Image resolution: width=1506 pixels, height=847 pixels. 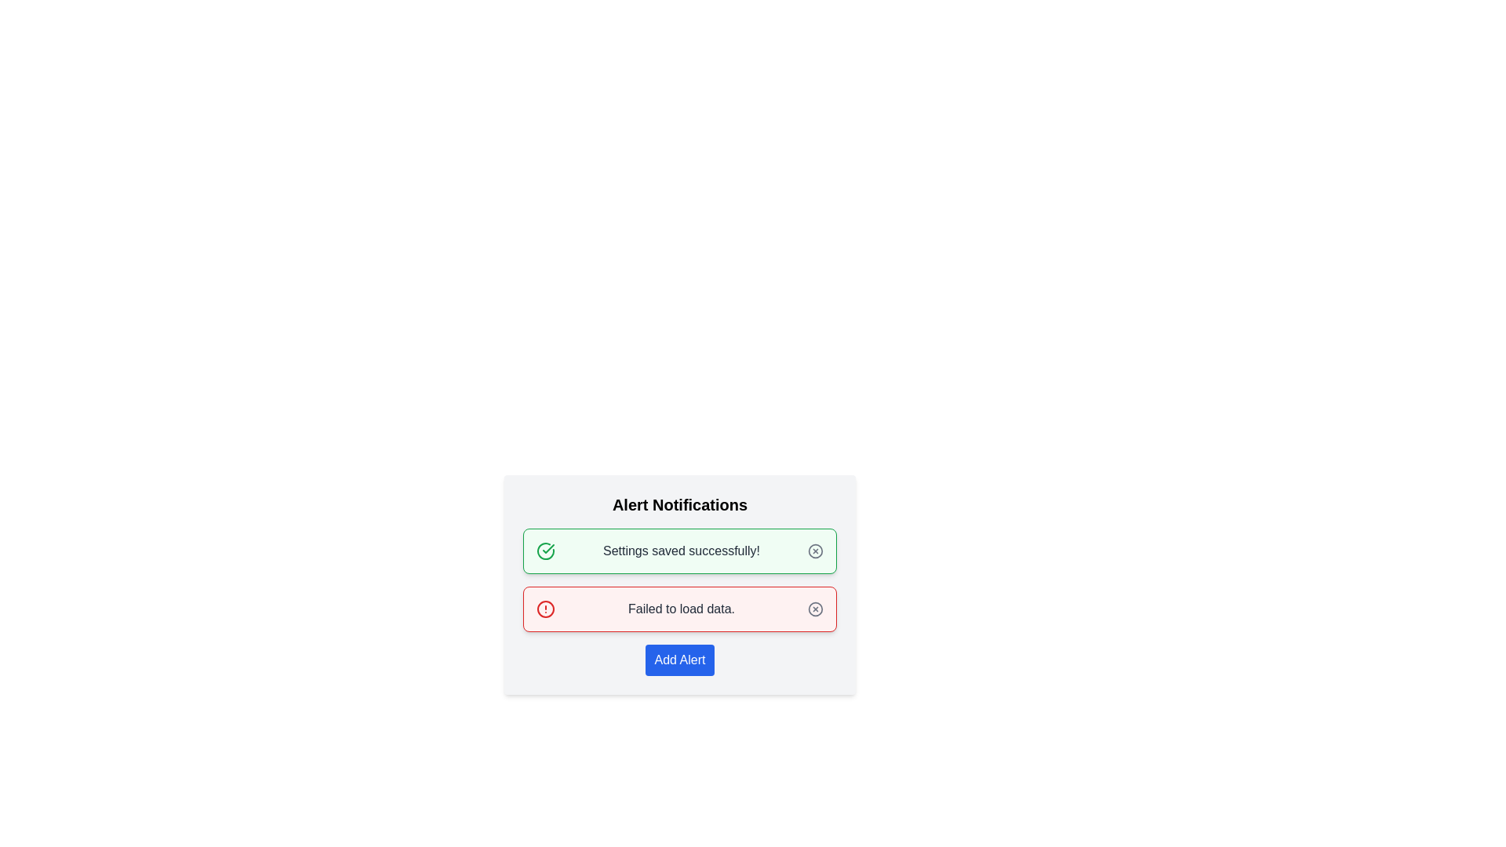 I want to click on the 'Alert Notifications' text label, which is a prominent header displayed in bold, large font at the top center of the view, so click(x=680, y=505).